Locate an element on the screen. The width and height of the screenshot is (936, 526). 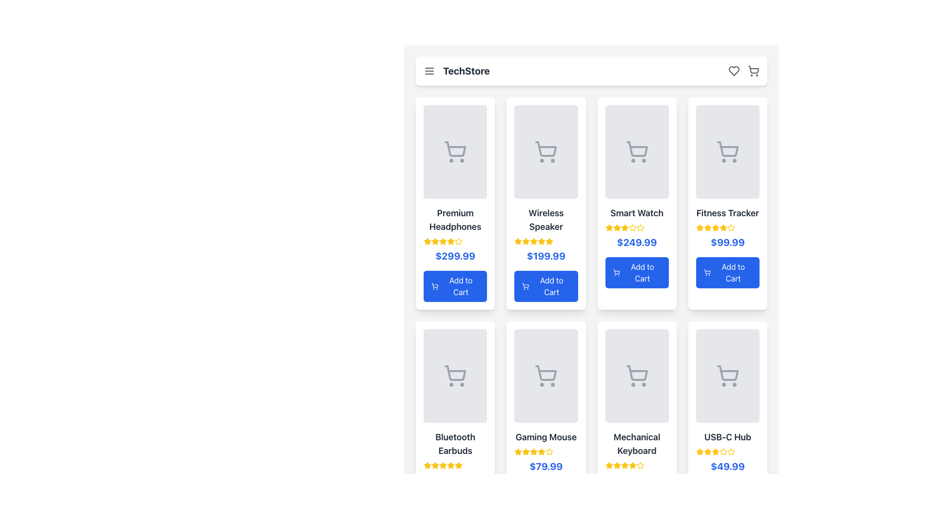
the yellow star icon representing a rating unit for the 'Gaming Mouse' to potentially alter the rating is located at coordinates (541, 451).